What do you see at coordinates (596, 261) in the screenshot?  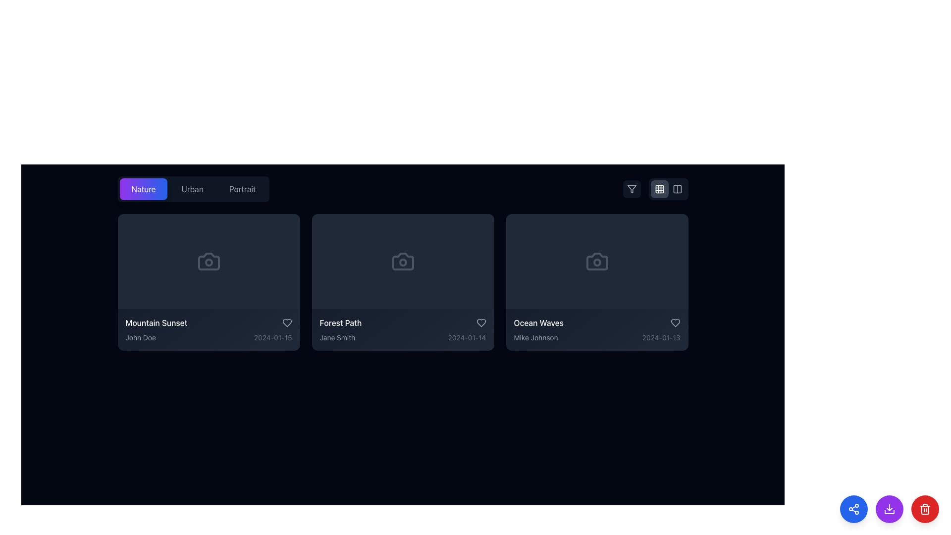 I see `the Icon component representing the camera within the SVG element of the rightmost image card in the 'Nature' category, which enhances the visual understanding of the card's content` at bounding box center [596, 261].